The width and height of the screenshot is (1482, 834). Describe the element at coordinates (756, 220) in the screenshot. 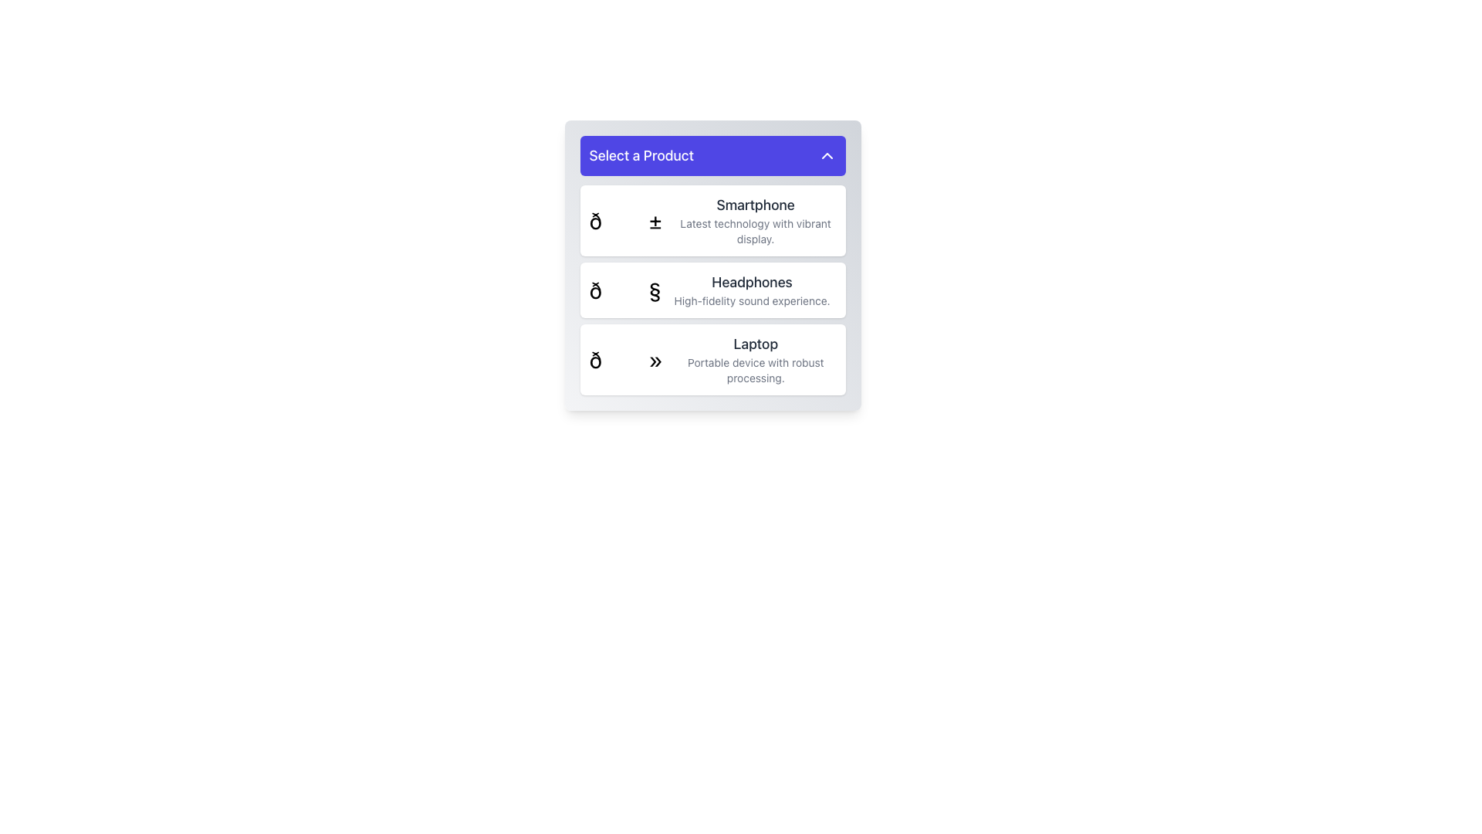

I see `the second selectable list item representing the 'Smartphone' category in the product selection menu` at that location.